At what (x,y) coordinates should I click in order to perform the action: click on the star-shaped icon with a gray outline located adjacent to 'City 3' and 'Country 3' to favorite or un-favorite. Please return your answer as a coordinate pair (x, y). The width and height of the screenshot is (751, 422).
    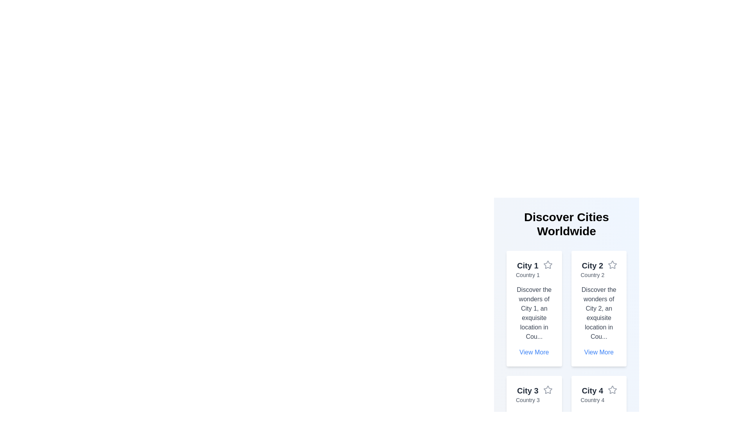
    Looking at the image, I should click on (547, 390).